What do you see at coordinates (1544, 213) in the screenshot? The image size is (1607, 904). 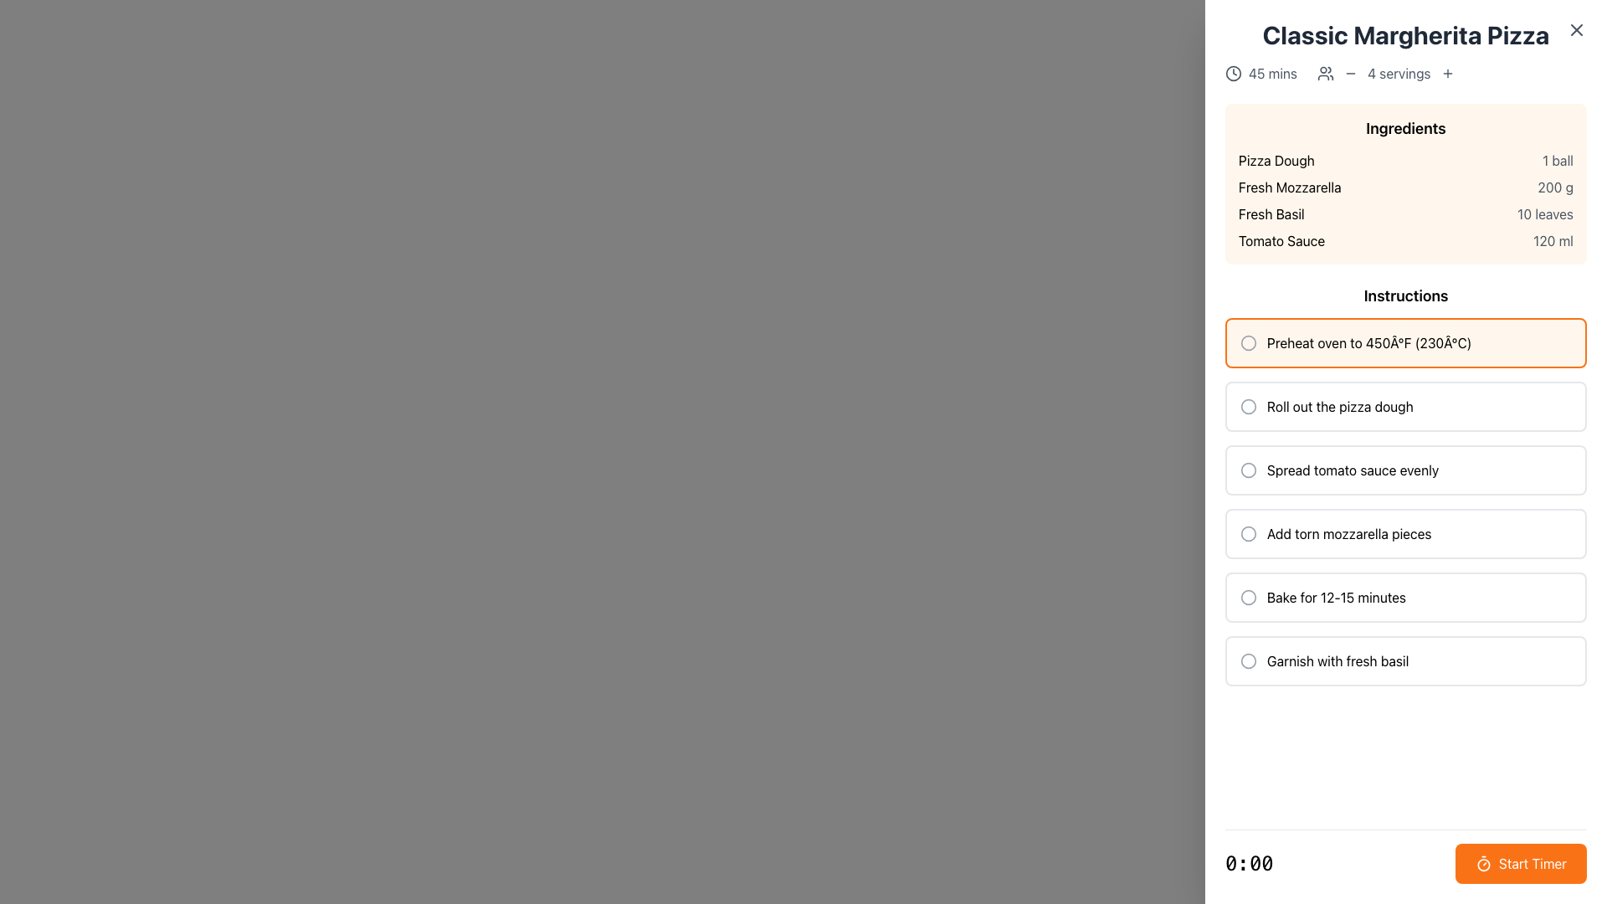 I see `the text label displaying '10 leaves' which is styled in gray and located to the right of the 'Fresh Basil' label in the 'Ingredients' section of the recipe interface` at bounding box center [1544, 213].